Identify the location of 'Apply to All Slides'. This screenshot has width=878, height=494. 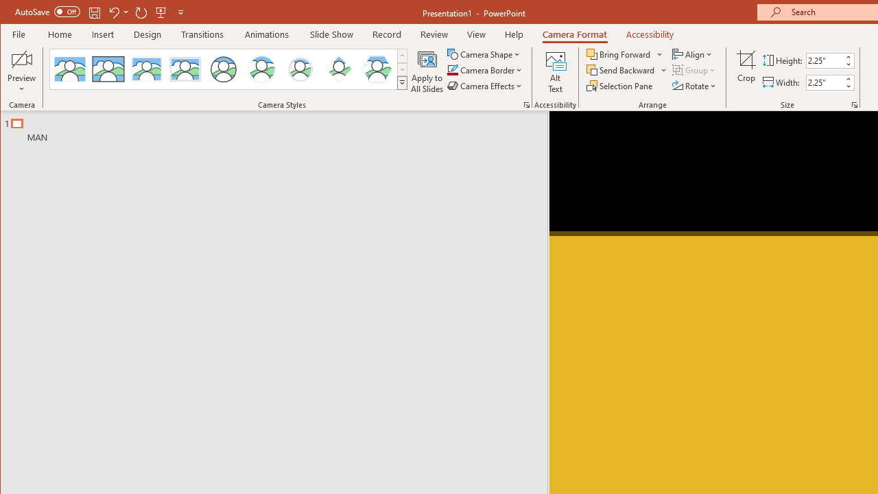
(426, 71).